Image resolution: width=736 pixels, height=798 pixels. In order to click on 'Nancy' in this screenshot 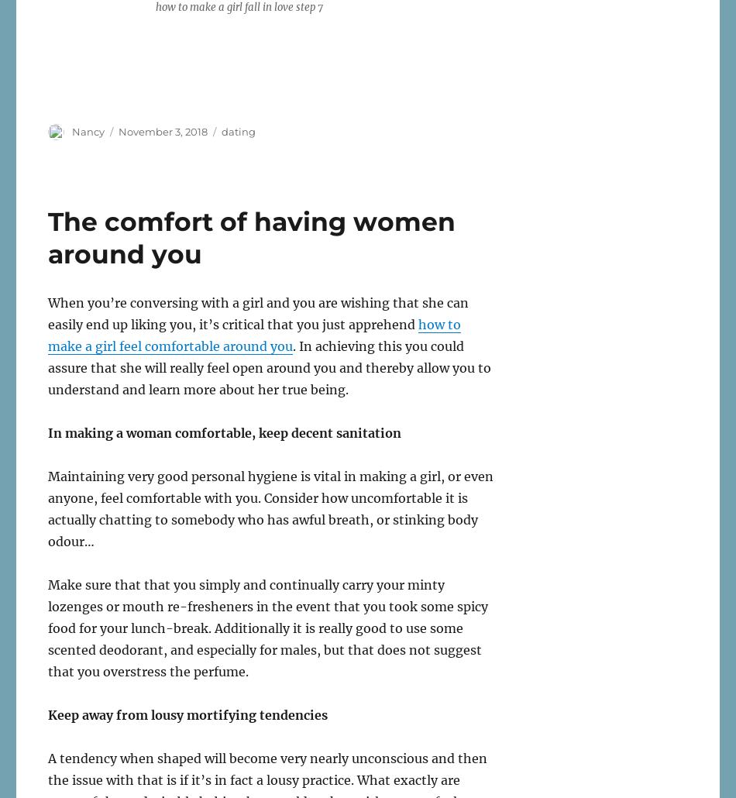, I will do `click(88, 130)`.